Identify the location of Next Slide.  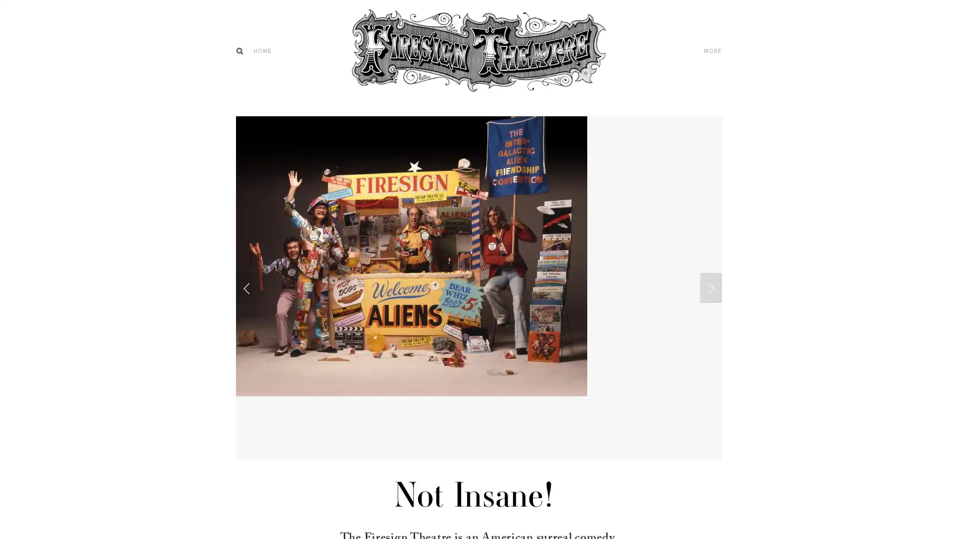
(711, 287).